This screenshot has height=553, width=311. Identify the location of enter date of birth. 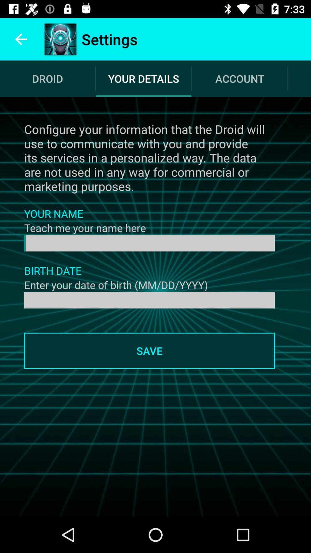
(149, 300).